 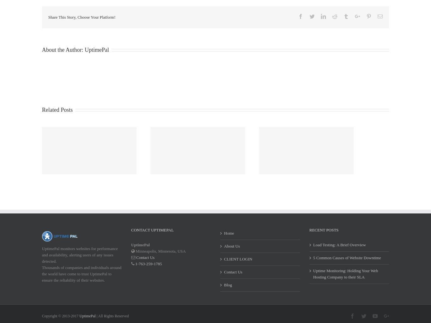 What do you see at coordinates (339, 253) in the screenshot?
I see `'Load Testing: A Brief Overview'` at bounding box center [339, 253].